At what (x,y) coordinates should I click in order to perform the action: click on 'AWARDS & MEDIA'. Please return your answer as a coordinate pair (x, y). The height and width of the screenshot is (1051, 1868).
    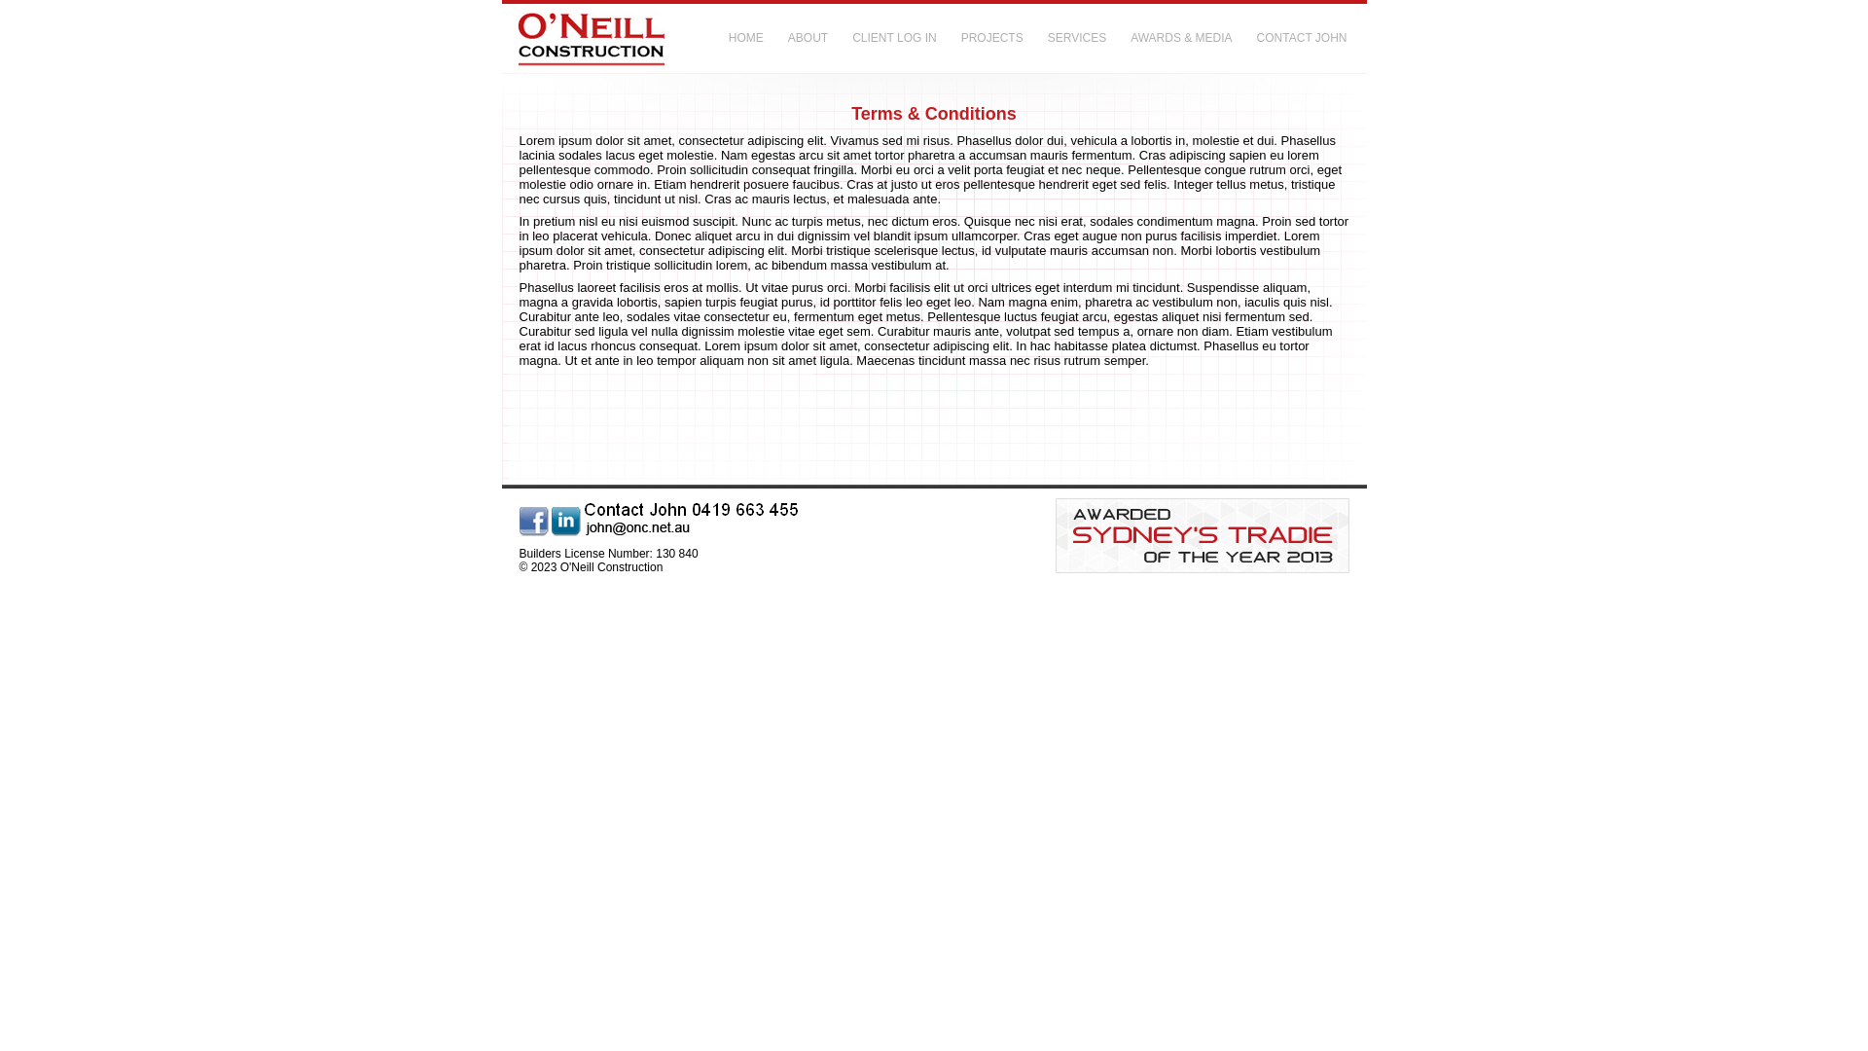
    Looking at the image, I should click on (1130, 38).